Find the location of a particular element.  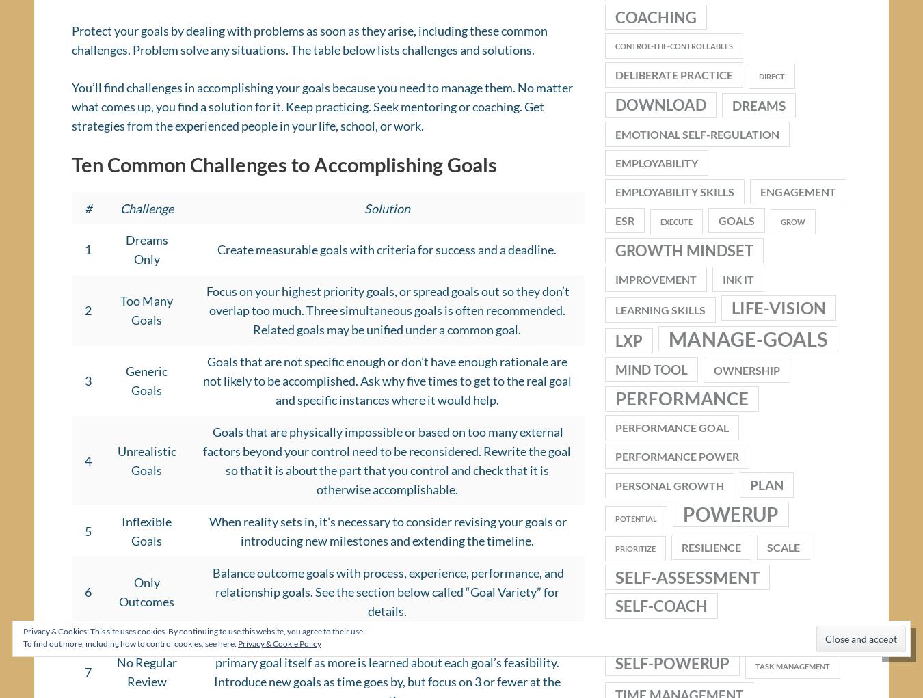

'employability skills' is located at coordinates (673, 196).